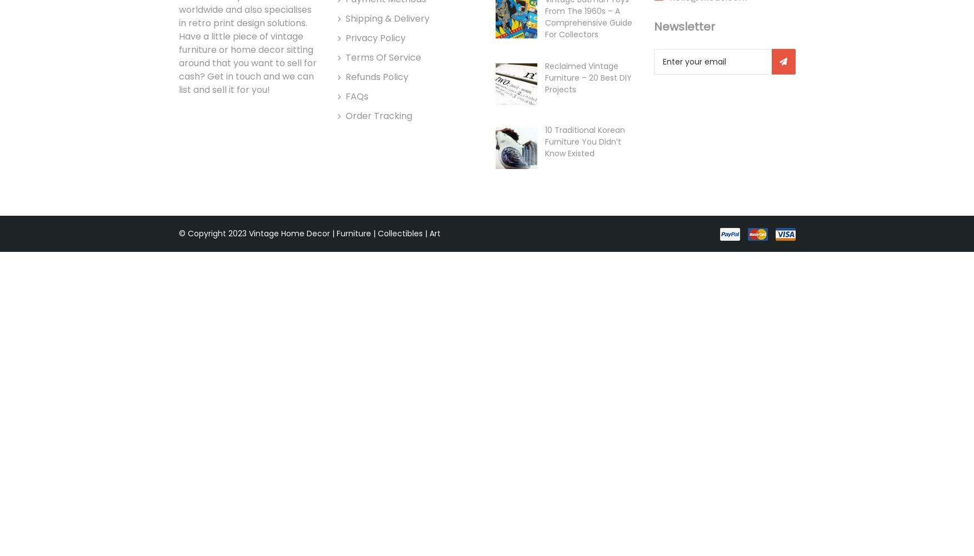 The width and height of the screenshot is (974, 556). Describe the element at coordinates (378, 115) in the screenshot. I see `'Order Tracking'` at that location.